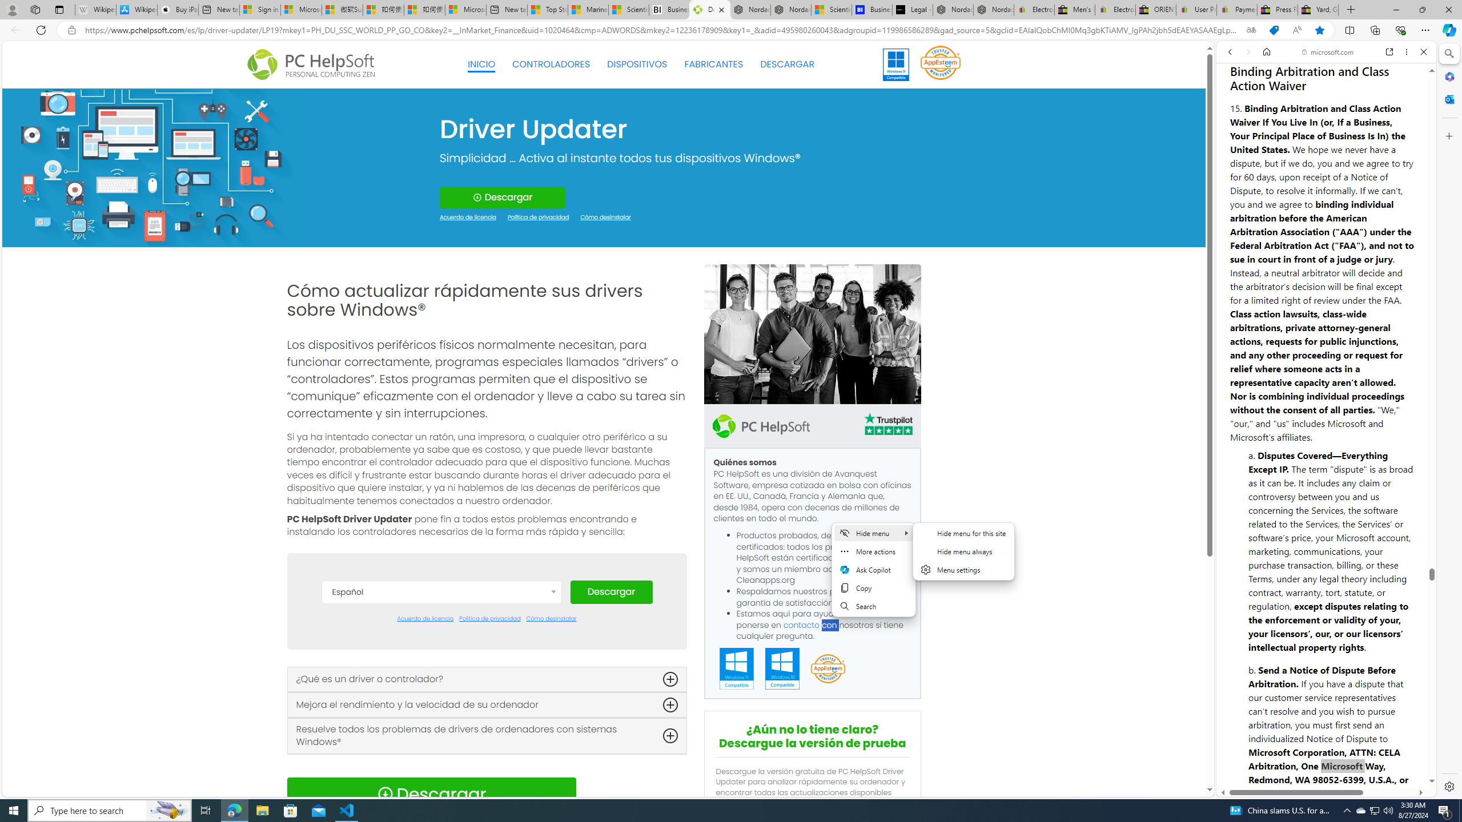 The image size is (1462, 822). Describe the element at coordinates (1236, 9) in the screenshot. I see `'Payments Terms of Use | eBay.com'` at that location.